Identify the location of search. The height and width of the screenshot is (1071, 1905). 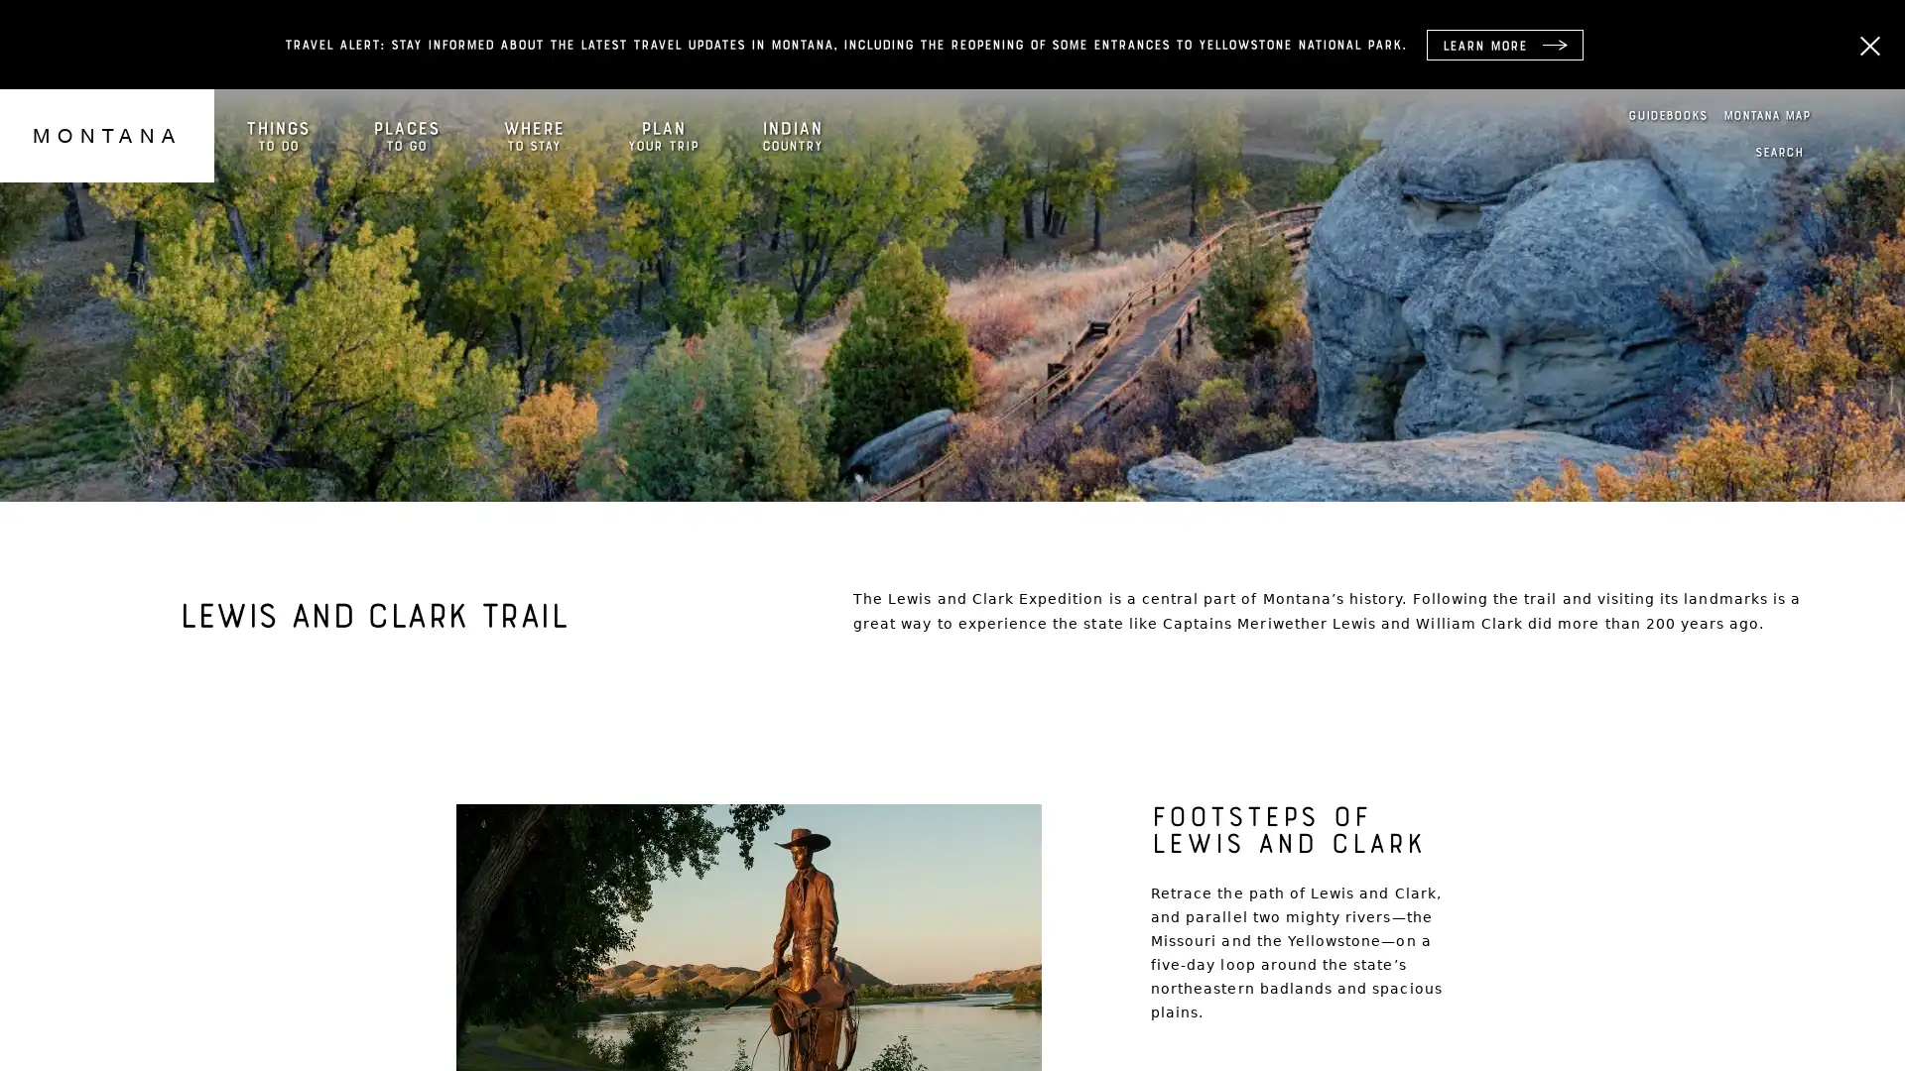
(1779, 152).